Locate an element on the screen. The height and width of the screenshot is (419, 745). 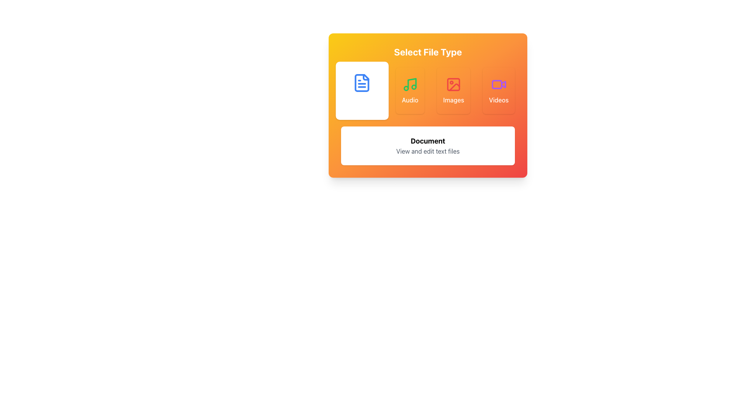
the 'Videos' icon, which is the fourth option in the horizontal list under the 'Select File Type' heading, indicating video-related actions is located at coordinates (499, 85).